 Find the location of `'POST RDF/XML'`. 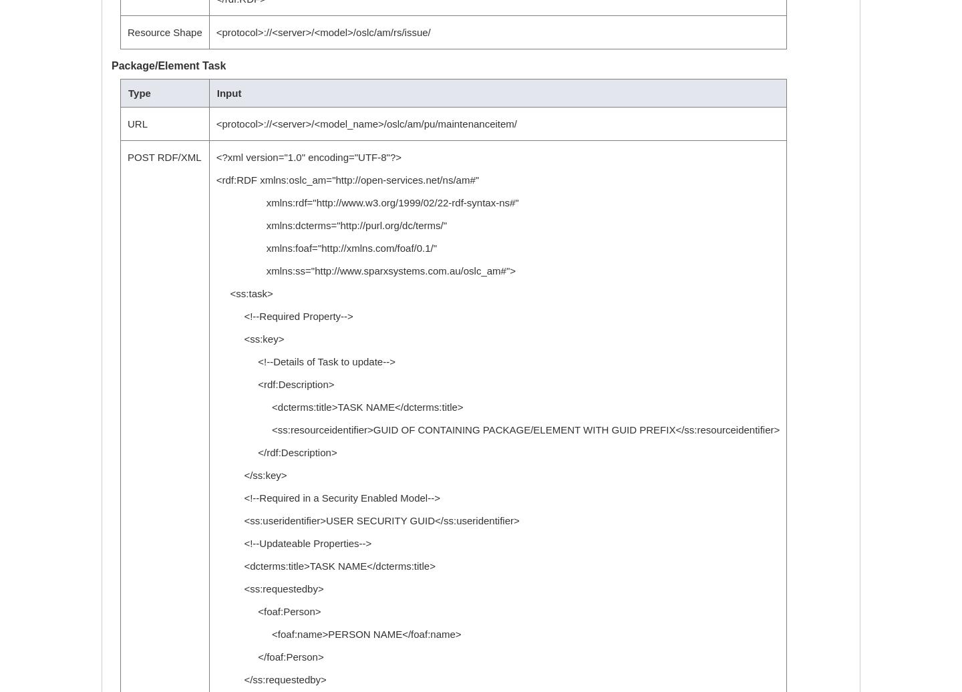

'POST RDF/XML' is located at coordinates (163, 157).